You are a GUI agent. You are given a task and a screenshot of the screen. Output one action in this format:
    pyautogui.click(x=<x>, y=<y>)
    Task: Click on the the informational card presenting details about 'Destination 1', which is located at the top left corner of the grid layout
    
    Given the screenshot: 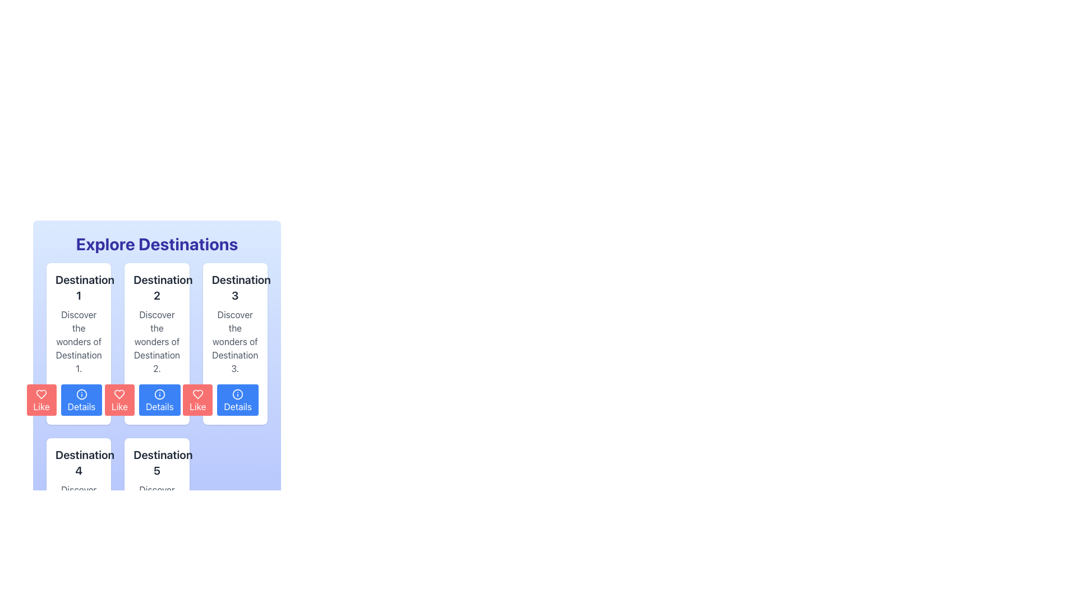 What is the action you would take?
    pyautogui.click(x=78, y=343)
    